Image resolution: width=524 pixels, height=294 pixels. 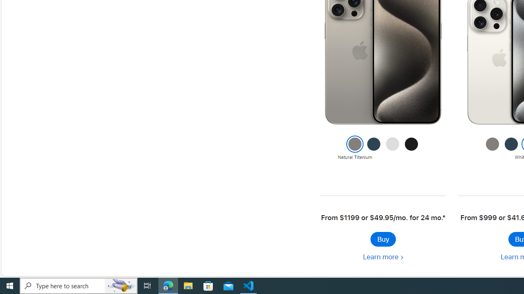 I want to click on 'Black Titanium', so click(x=411, y=148).